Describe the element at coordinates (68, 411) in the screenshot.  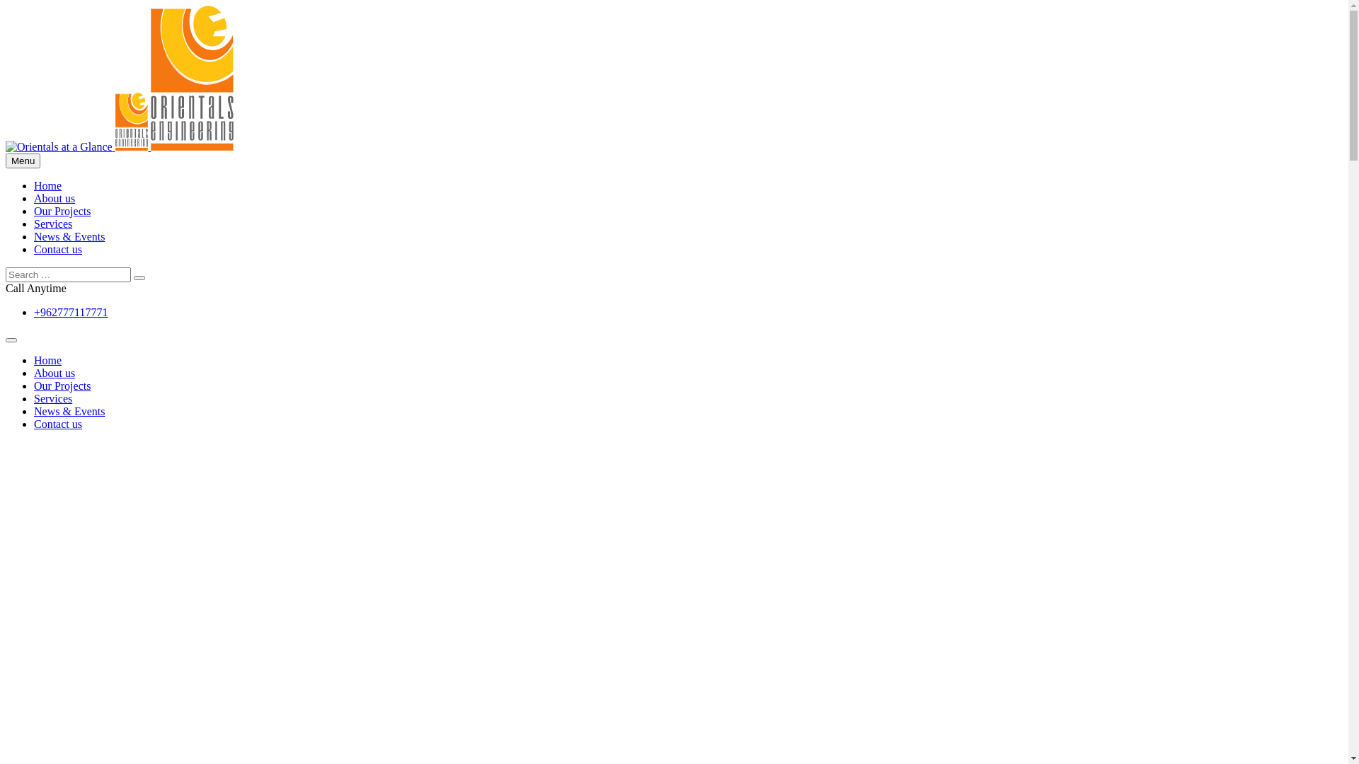
I see `'News & Events'` at that location.